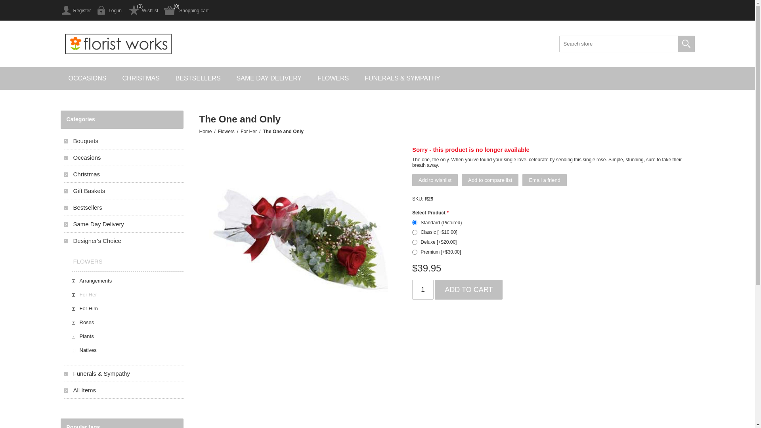  Describe the element at coordinates (544, 180) in the screenshot. I see `'Email a friend'` at that location.